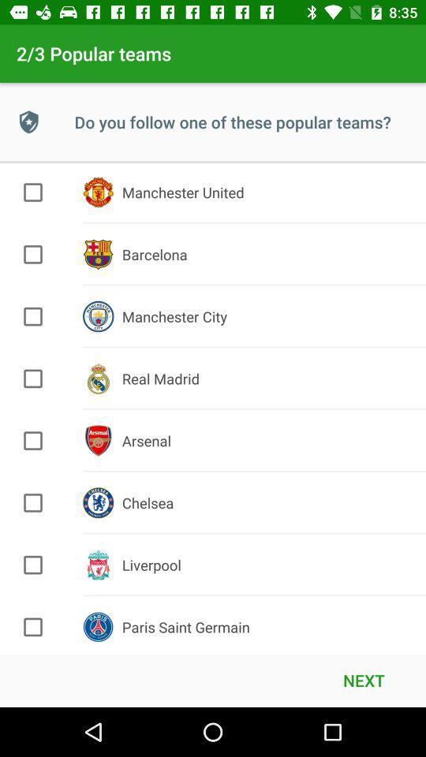 Image resolution: width=426 pixels, height=757 pixels. What do you see at coordinates (33, 316) in the screenshot?
I see `third check box from top` at bounding box center [33, 316].